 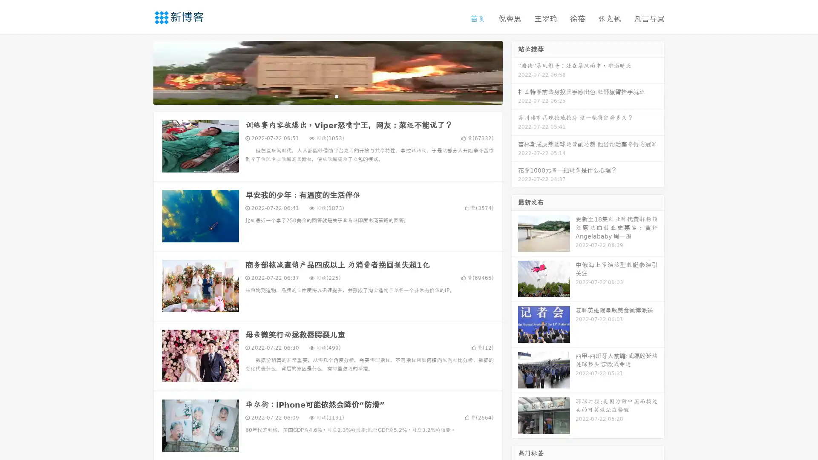 I want to click on Previous slide, so click(x=141, y=72).